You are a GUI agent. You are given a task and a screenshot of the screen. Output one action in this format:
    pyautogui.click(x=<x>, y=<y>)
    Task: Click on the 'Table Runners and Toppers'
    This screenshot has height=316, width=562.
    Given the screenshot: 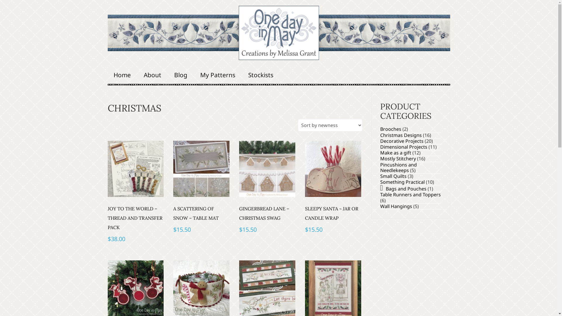 What is the action you would take?
    pyautogui.click(x=410, y=194)
    